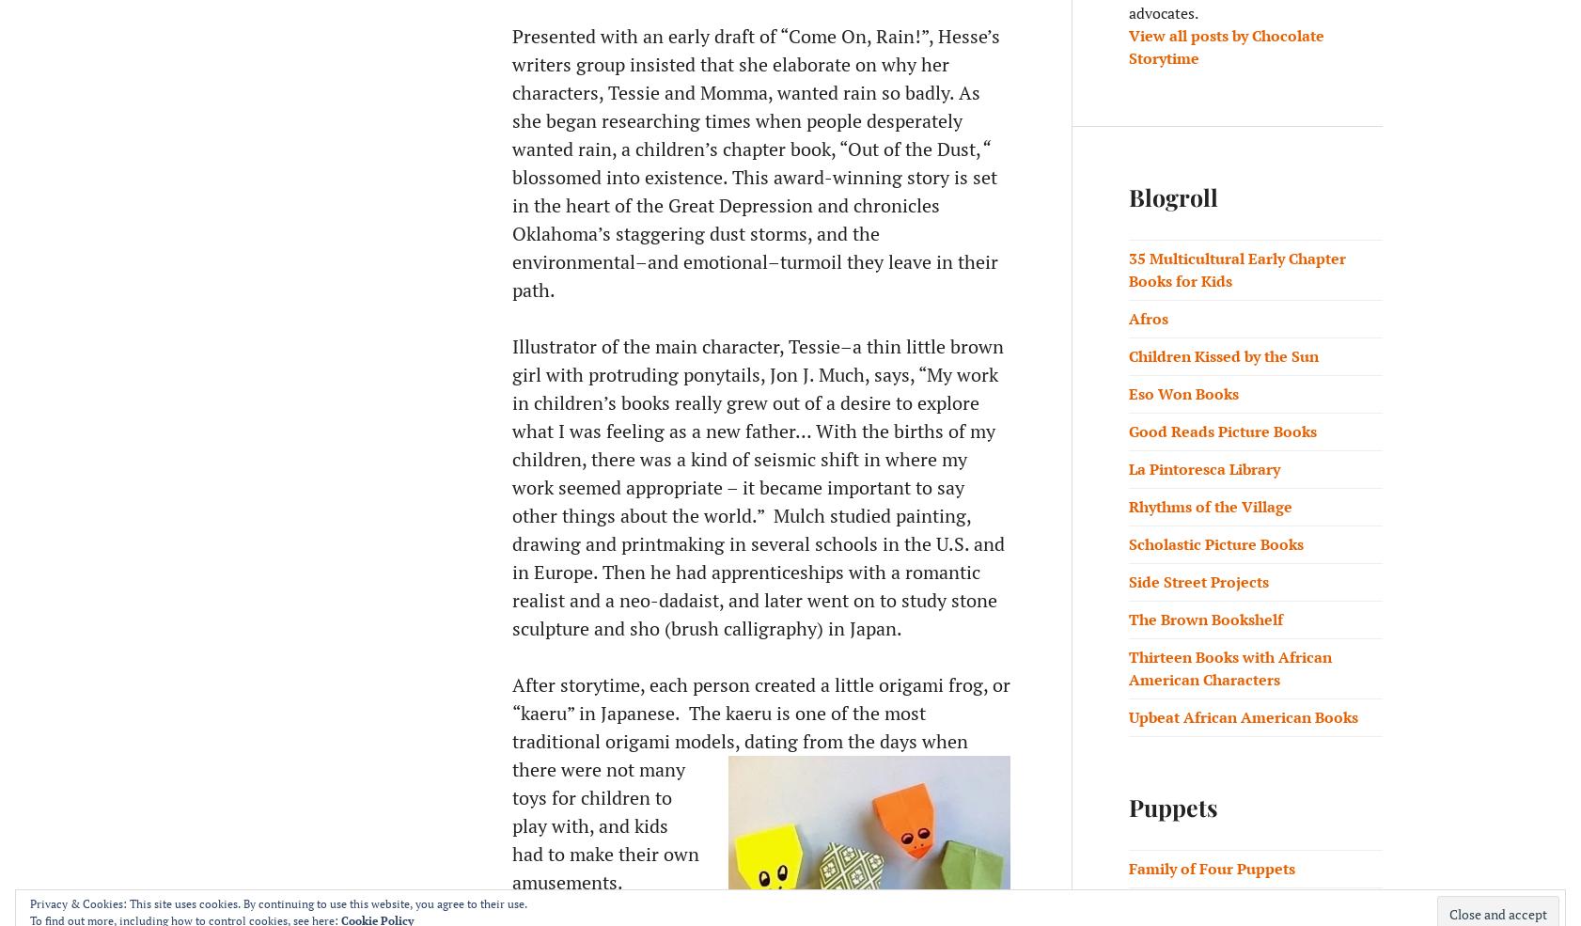 The width and height of the screenshot is (1581, 926). What do you see at coordinates (1224, 356) in the screenshot?
I see `'Children Kissed by the Sun'` at bounding box center [1224, 356].